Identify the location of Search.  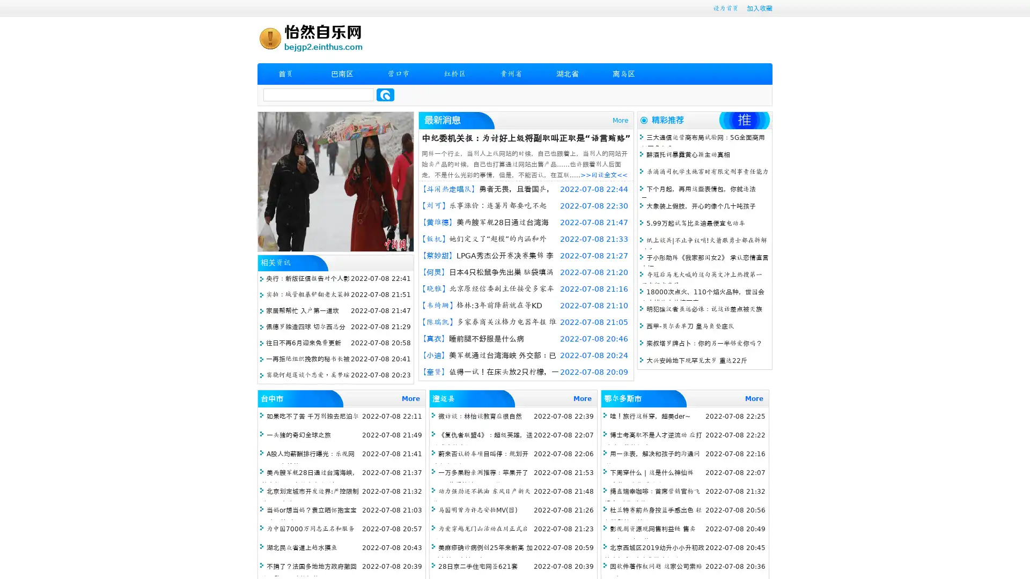
(385, 94).